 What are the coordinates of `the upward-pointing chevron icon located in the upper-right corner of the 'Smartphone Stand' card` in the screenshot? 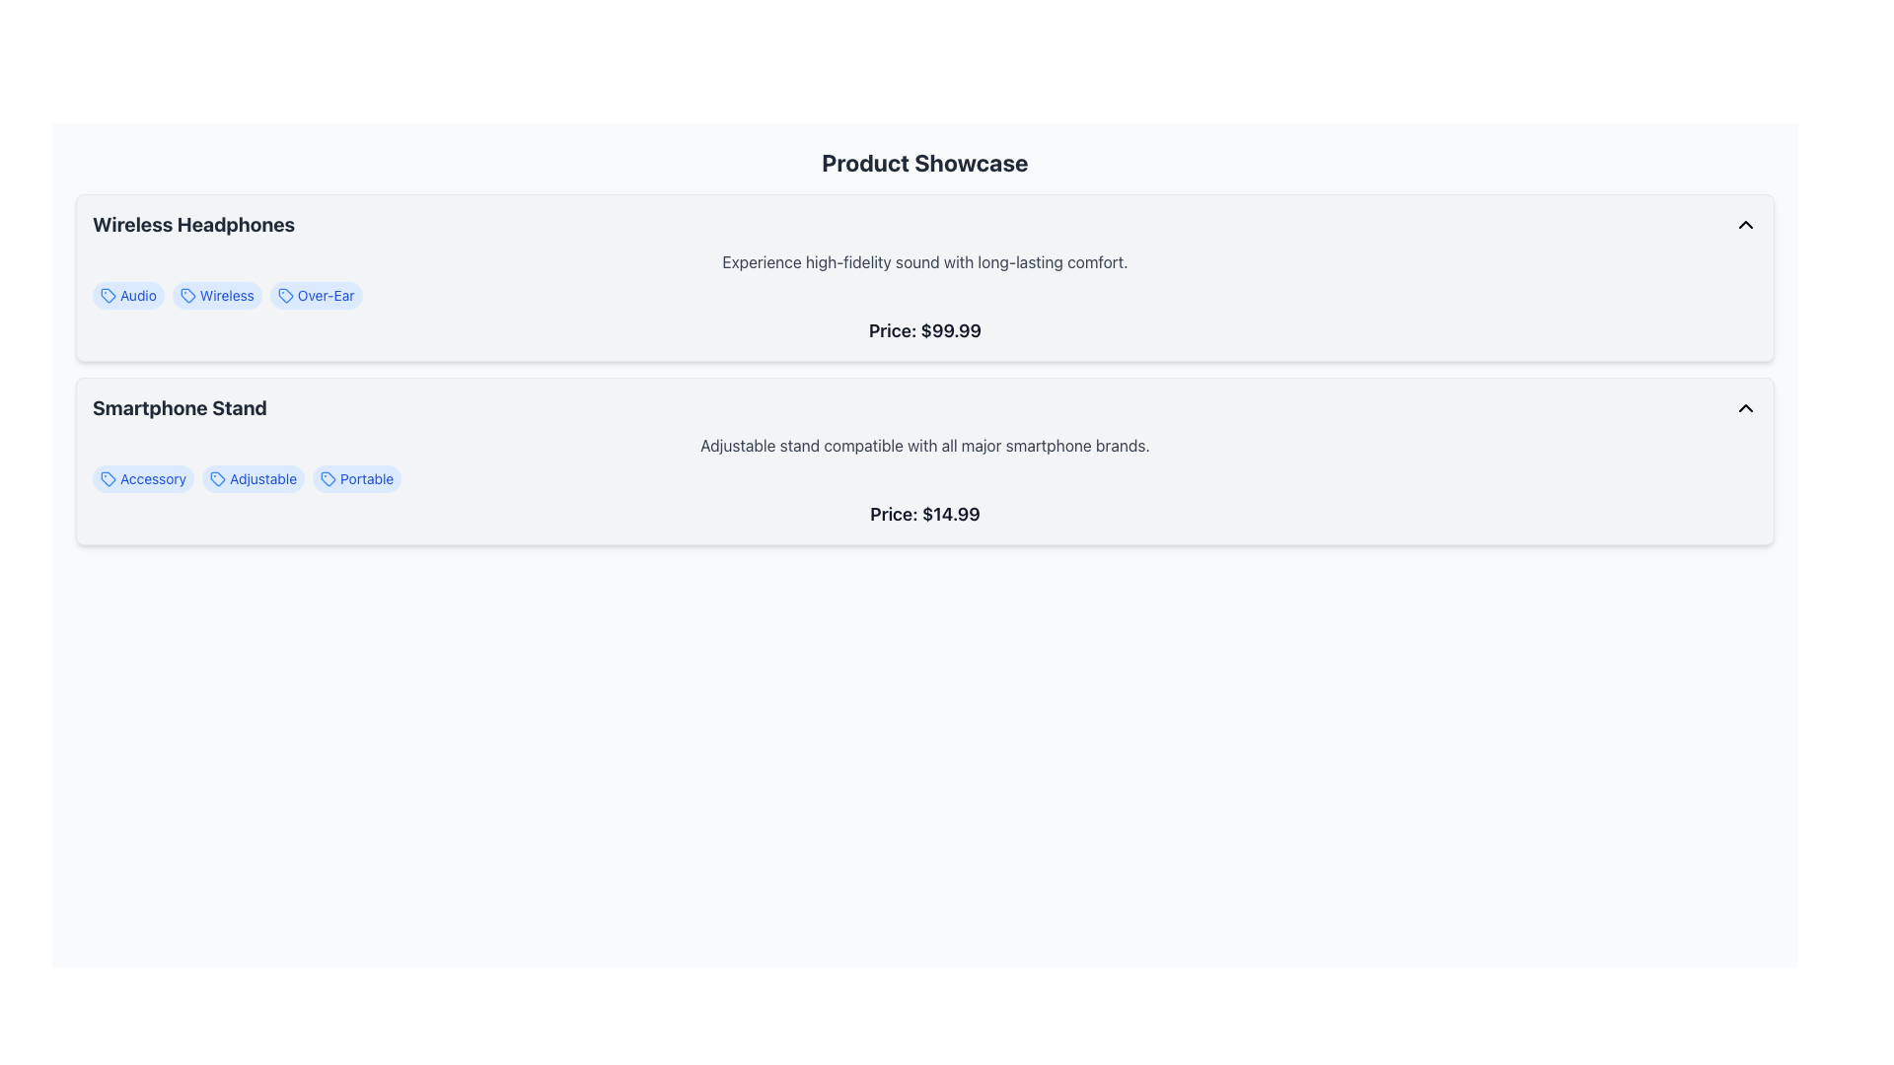 It's located at (1746, 406).